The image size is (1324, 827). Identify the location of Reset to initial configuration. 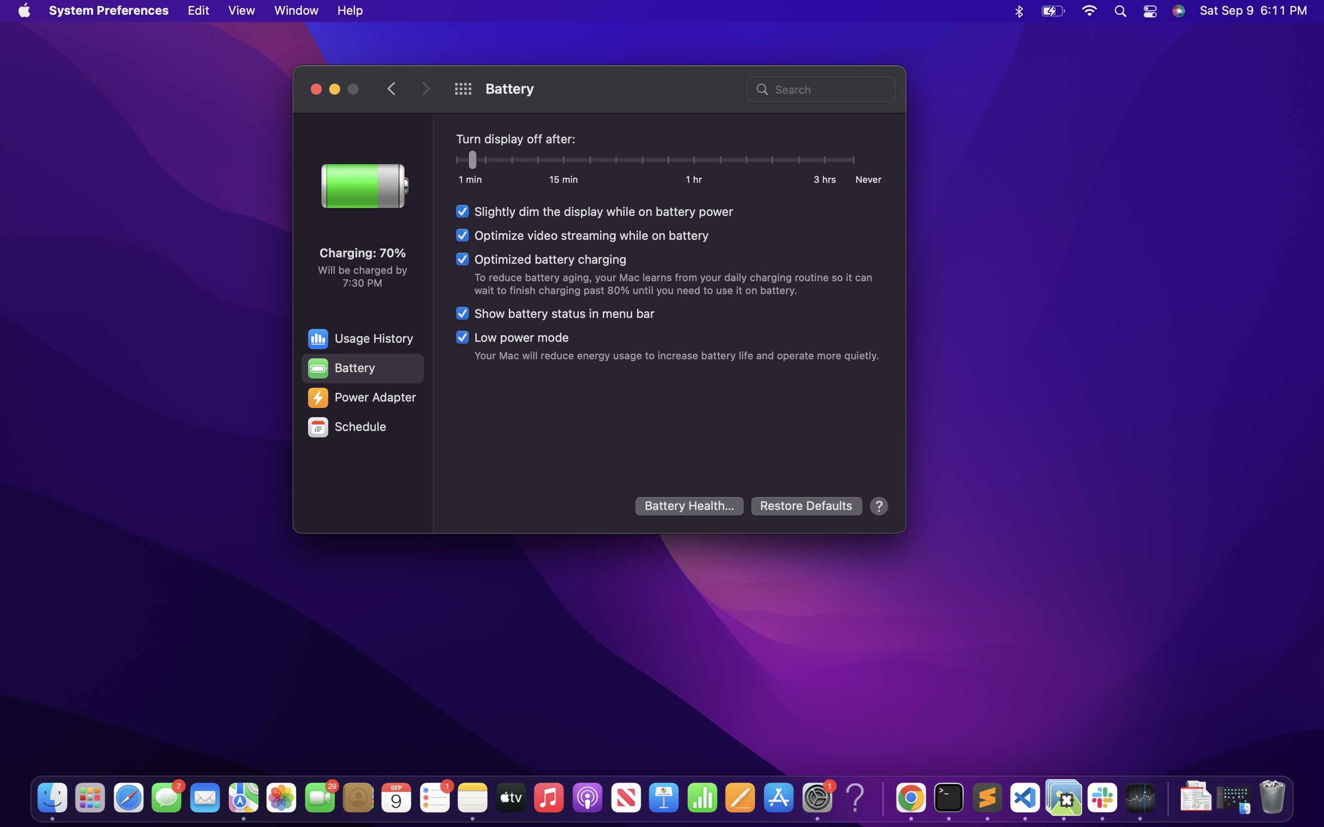
(807, 506).